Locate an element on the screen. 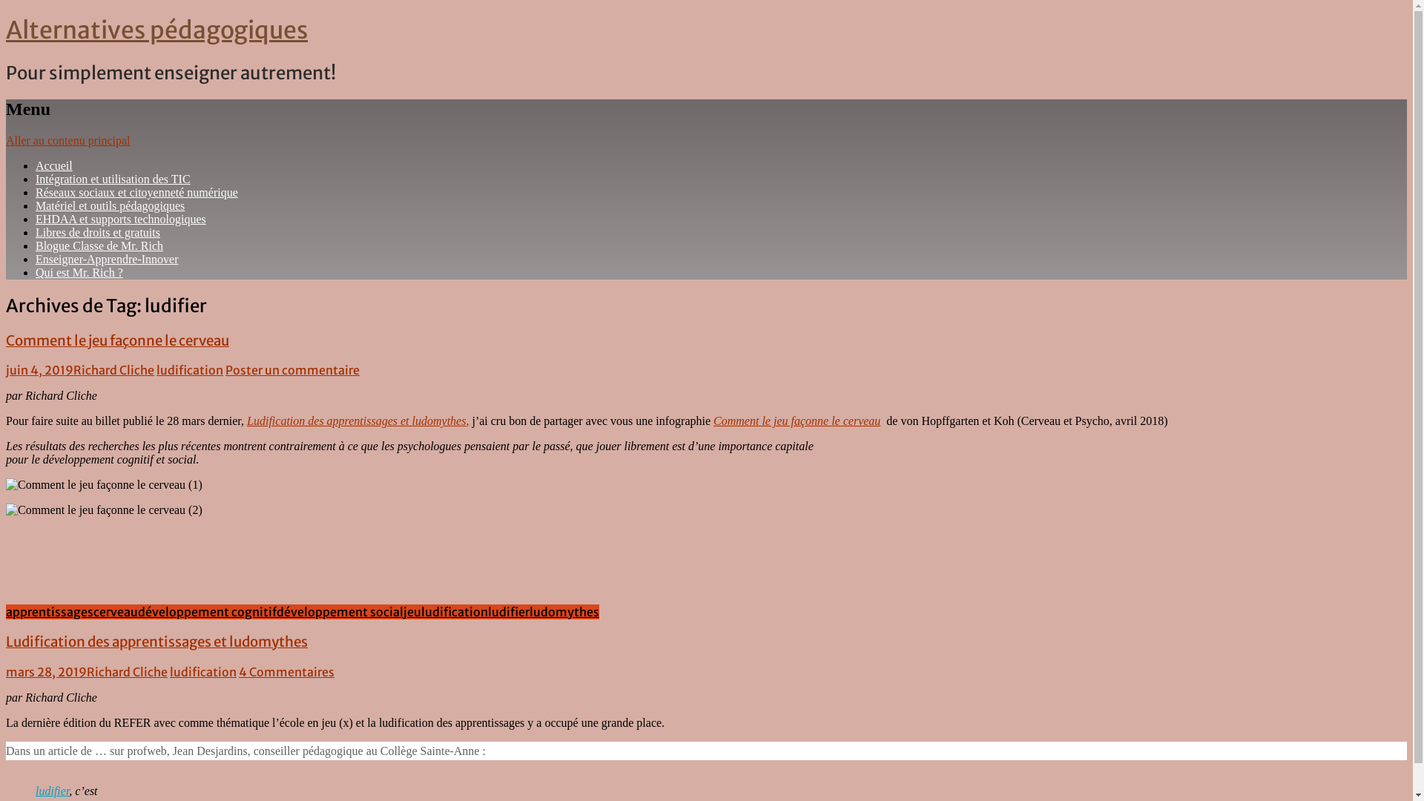 Image resolution: width=1424 pixels, height=801 pixels. 'mars 28, 2019' is located at coordinates (46, 672).